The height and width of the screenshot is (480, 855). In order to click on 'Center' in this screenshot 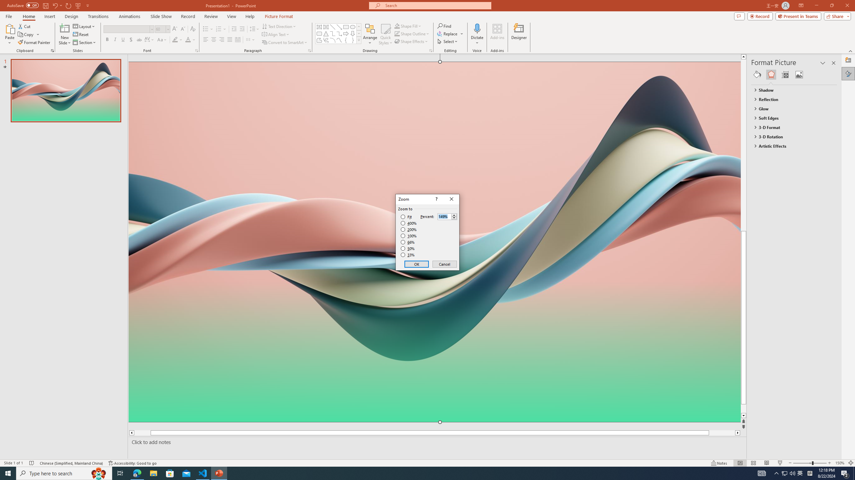, I will do `click(214, 39)`.